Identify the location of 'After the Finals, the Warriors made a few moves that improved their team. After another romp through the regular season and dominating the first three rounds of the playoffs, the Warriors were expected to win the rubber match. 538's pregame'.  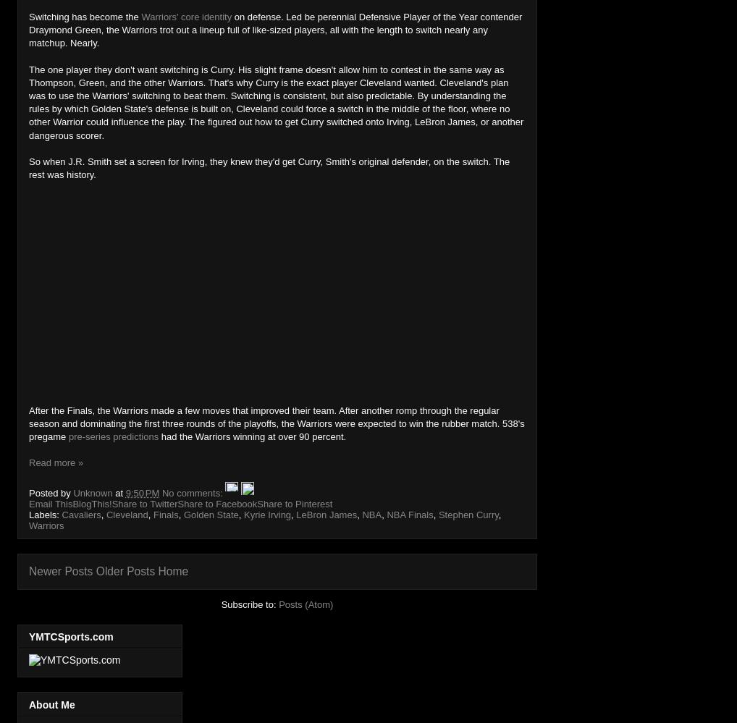
(276, 423).